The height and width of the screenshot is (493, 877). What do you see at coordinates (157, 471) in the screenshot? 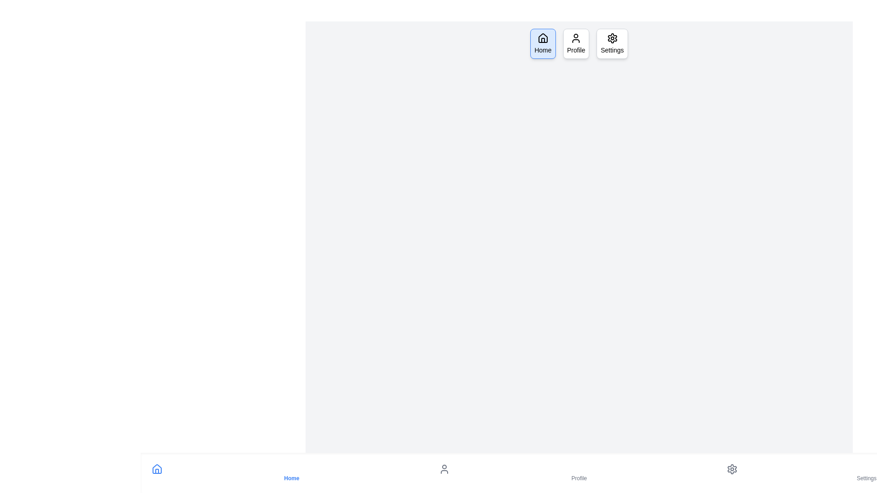
I see `the central door rectangle inside the house-shaped icon located in the bottom navigation bar's 'Home' section` at bounding box center [157, 471].